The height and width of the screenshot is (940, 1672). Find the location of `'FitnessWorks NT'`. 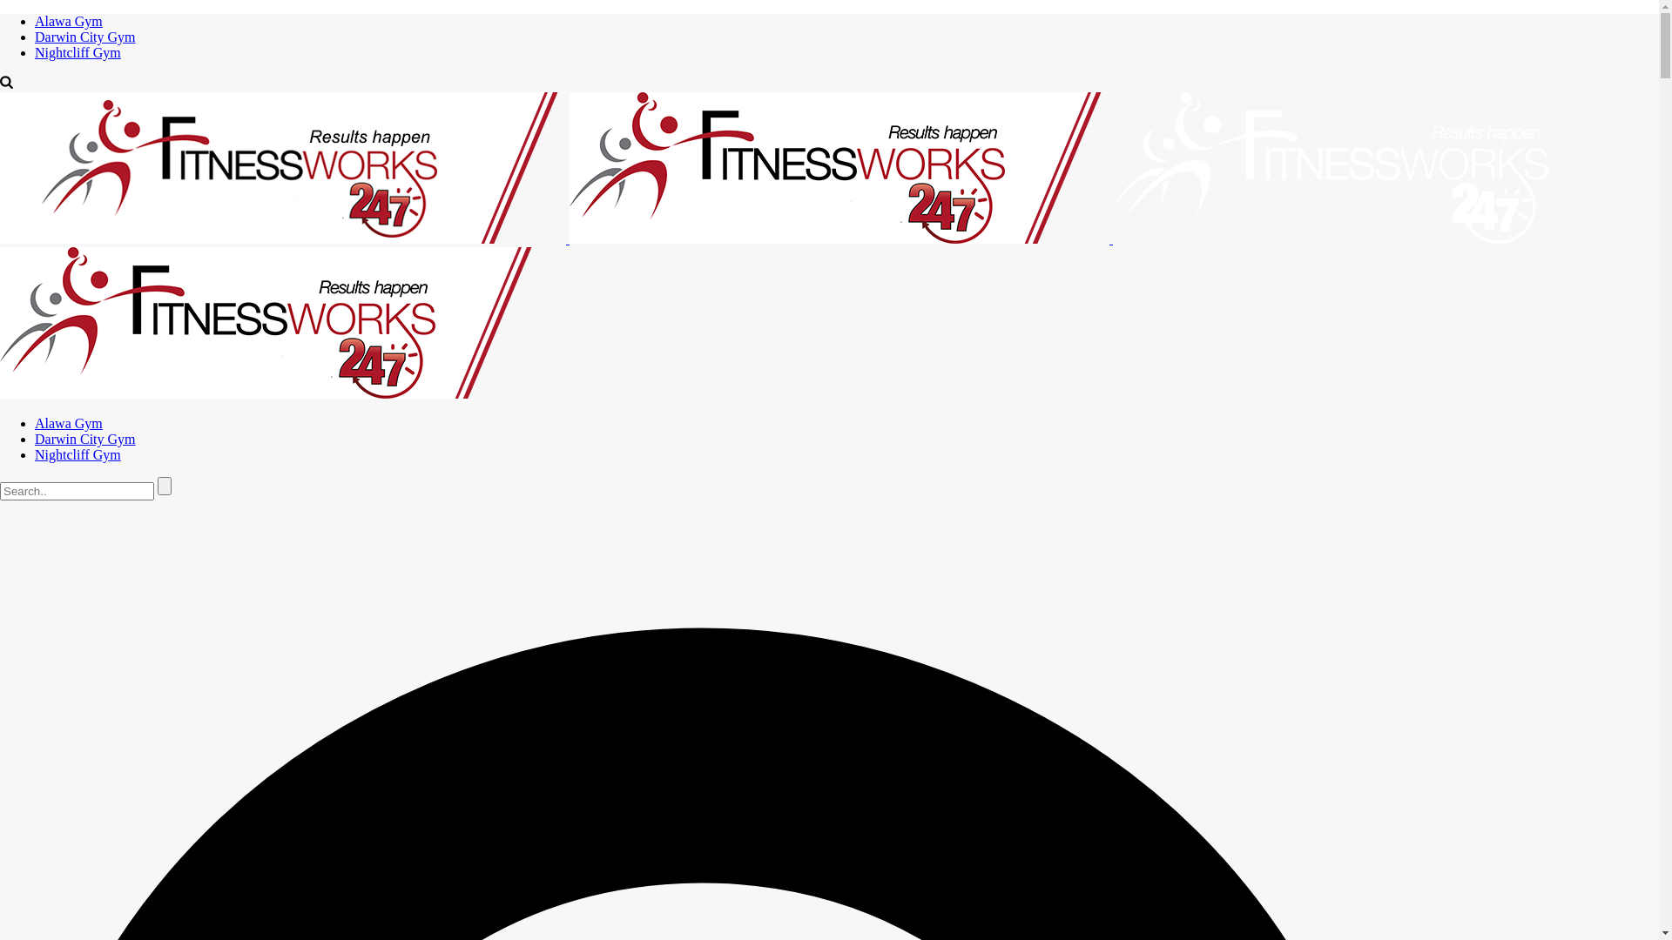

'FitnessWorks NT' is located at coordinates (772, 316).